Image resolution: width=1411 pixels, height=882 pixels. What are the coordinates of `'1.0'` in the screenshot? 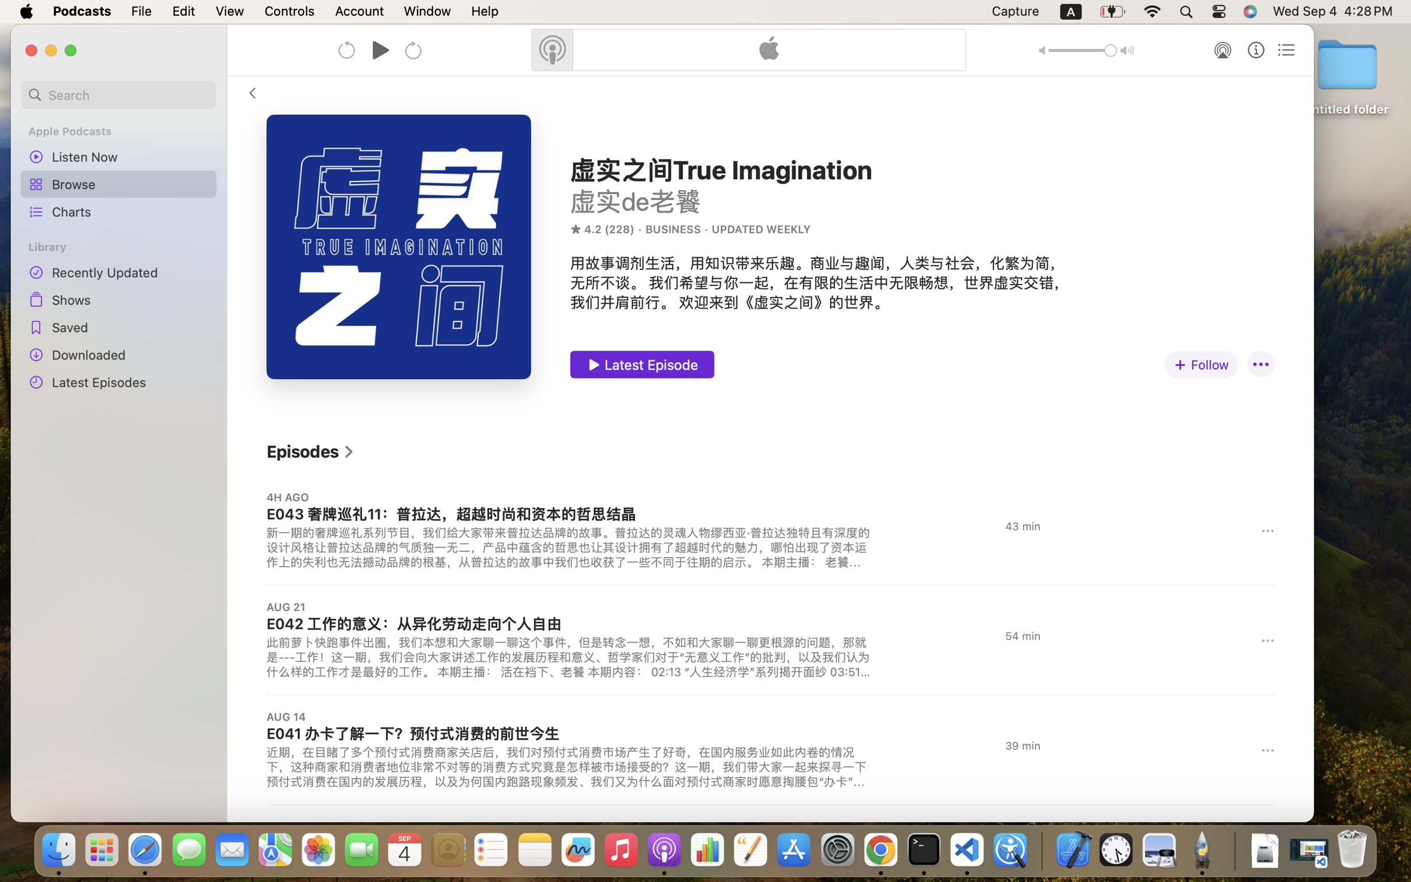 It's located at (1082, 50).